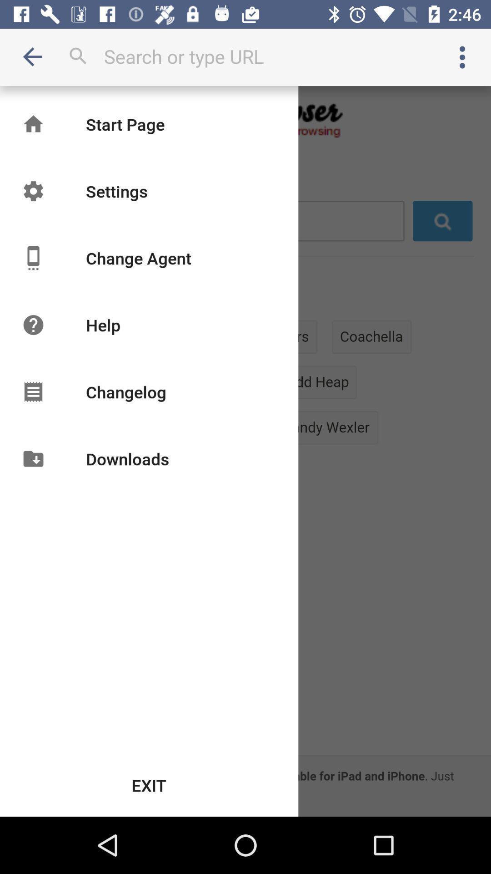  Describe the element at coordinates (245, 56) in the screenshot. I see `search box` at that location.